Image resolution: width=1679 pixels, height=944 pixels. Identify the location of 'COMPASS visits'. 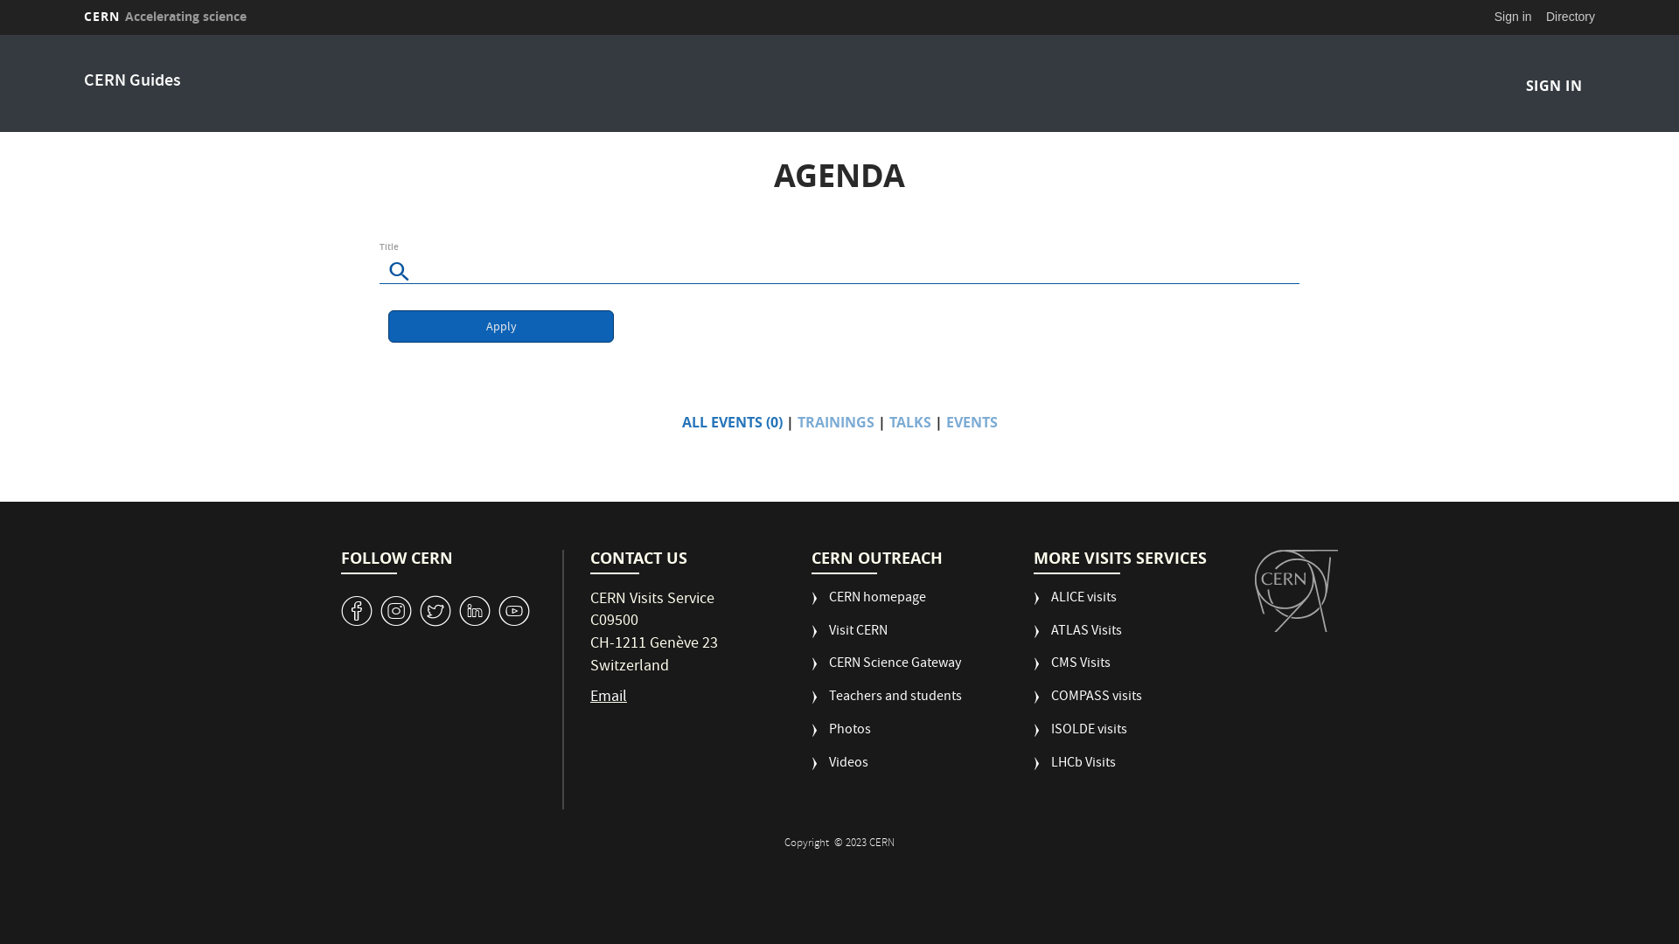
(1086, 704).